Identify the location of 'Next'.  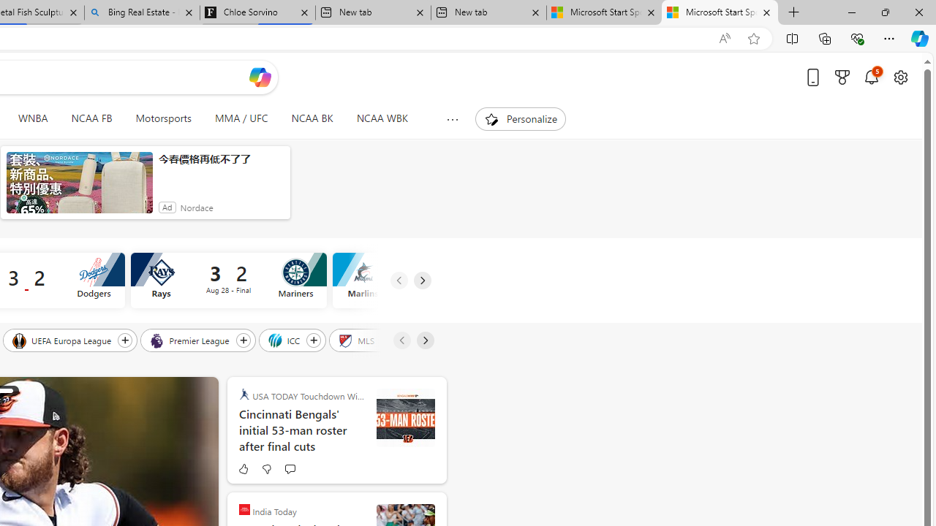
(424, 340).